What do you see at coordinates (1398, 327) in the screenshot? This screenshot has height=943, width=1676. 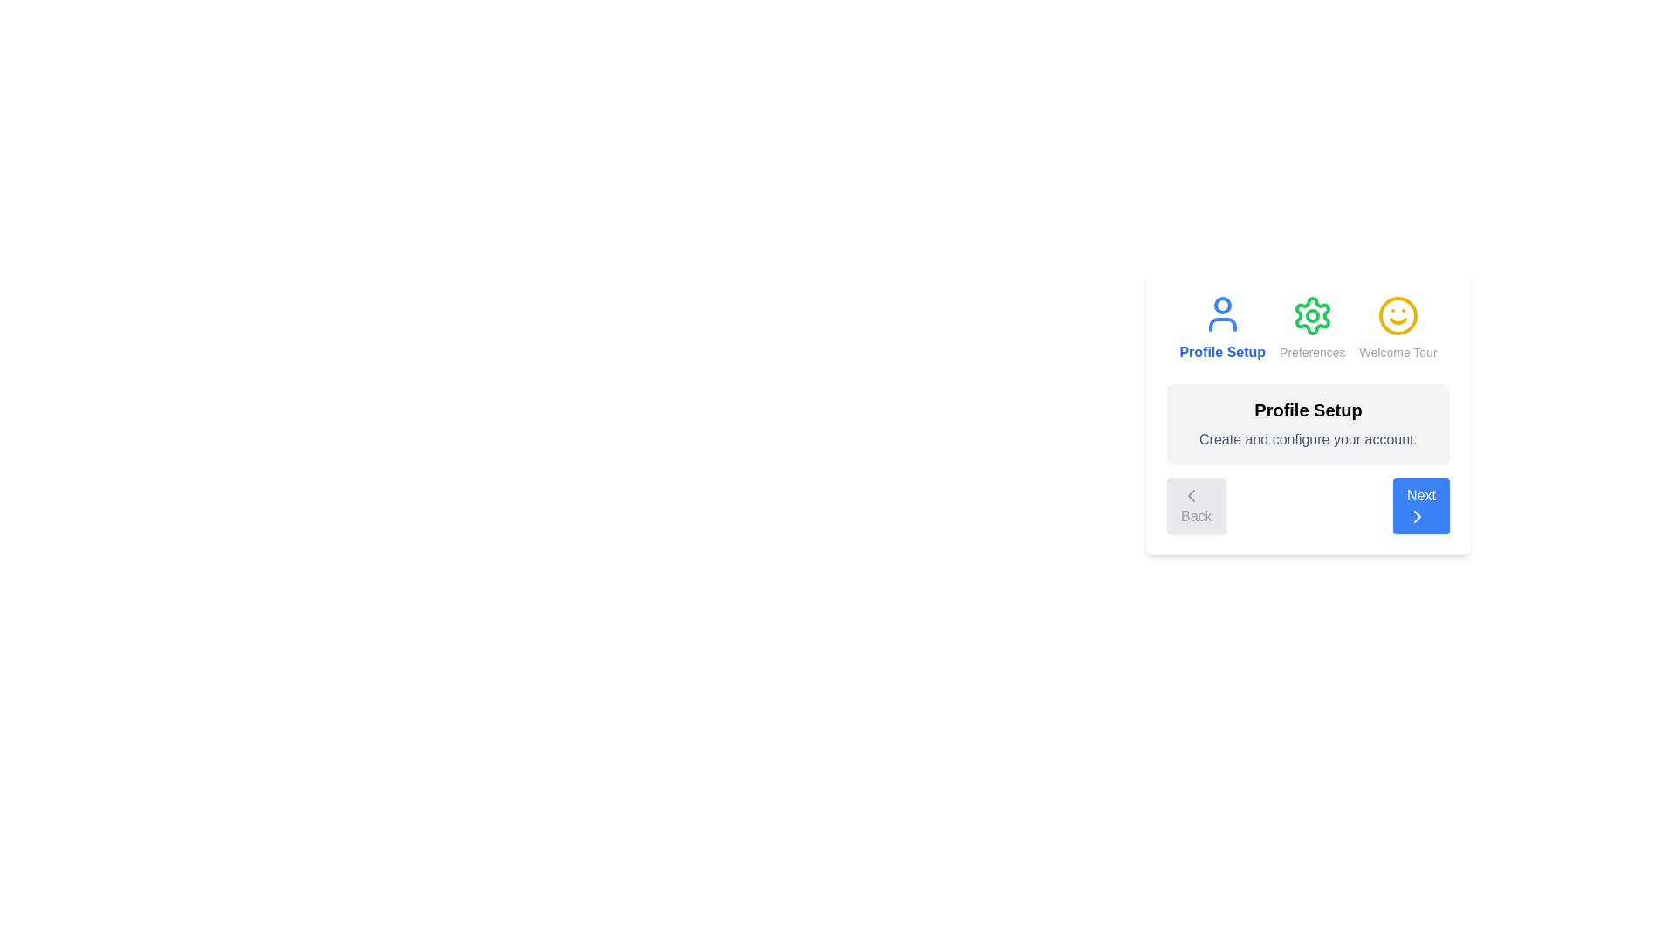 I see `the step icon corresponding to Welcome Tour to view its details` at bounding box center [1398, 327].